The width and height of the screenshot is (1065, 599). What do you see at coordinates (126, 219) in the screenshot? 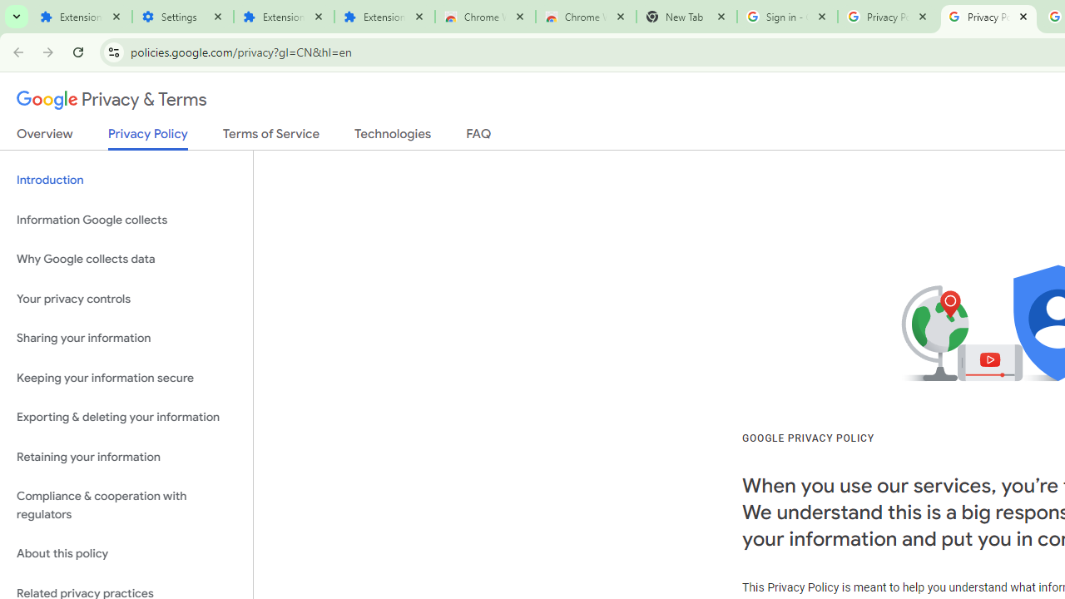
I see `'Information Google collects'` at bounding box center [126, 219].